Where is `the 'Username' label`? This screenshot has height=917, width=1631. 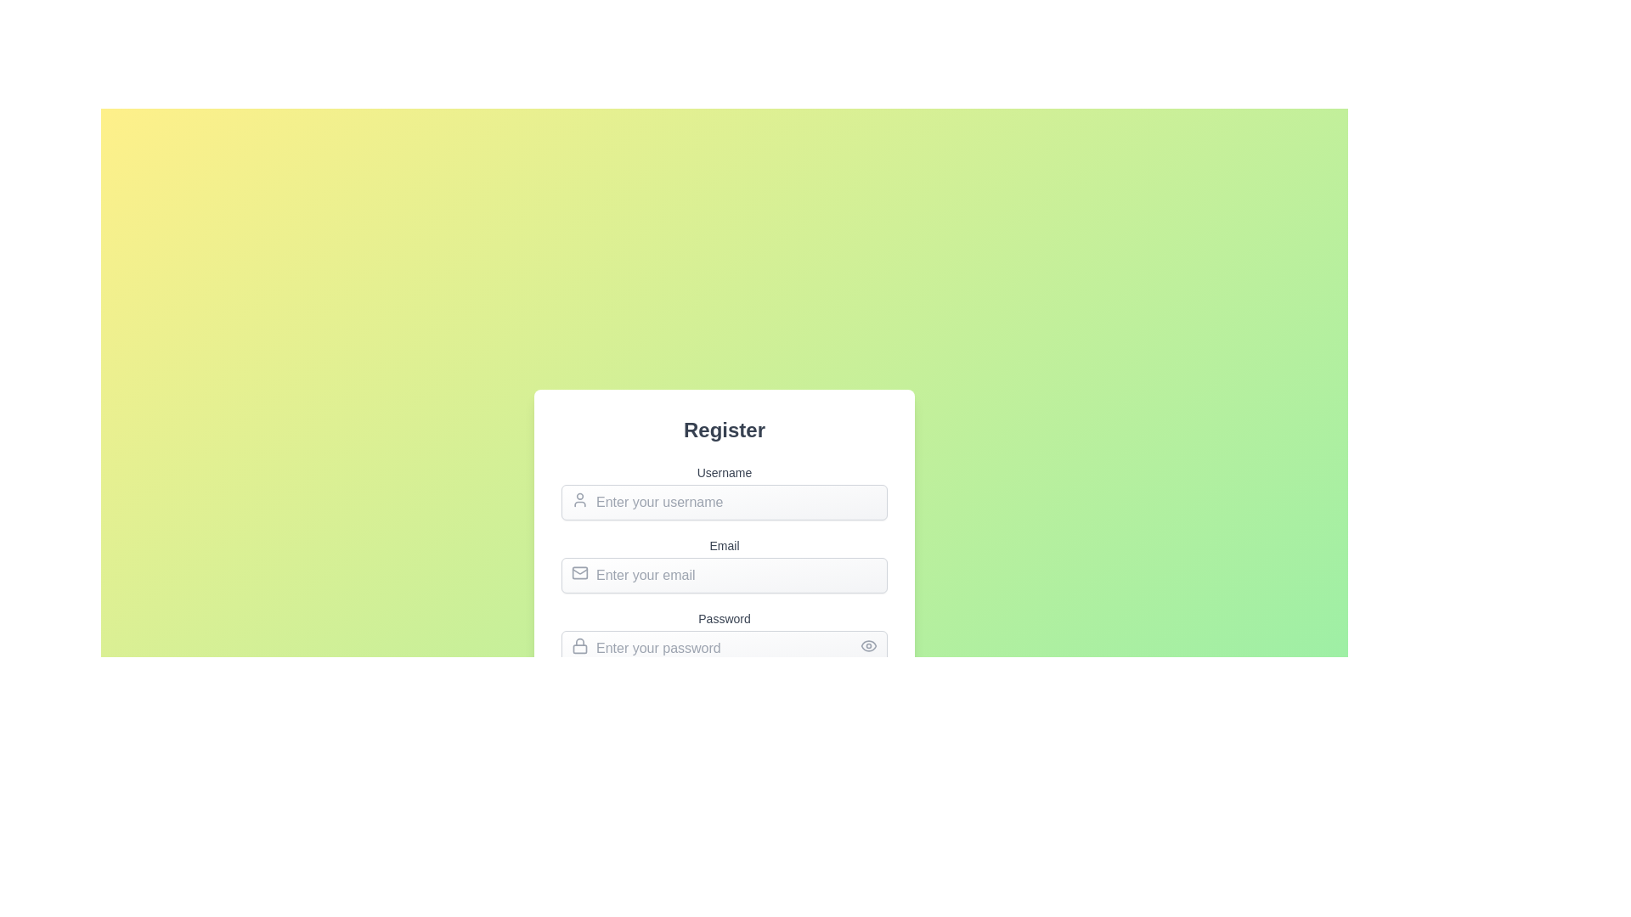 the 'Username' label is located at coordinates (725, 492).